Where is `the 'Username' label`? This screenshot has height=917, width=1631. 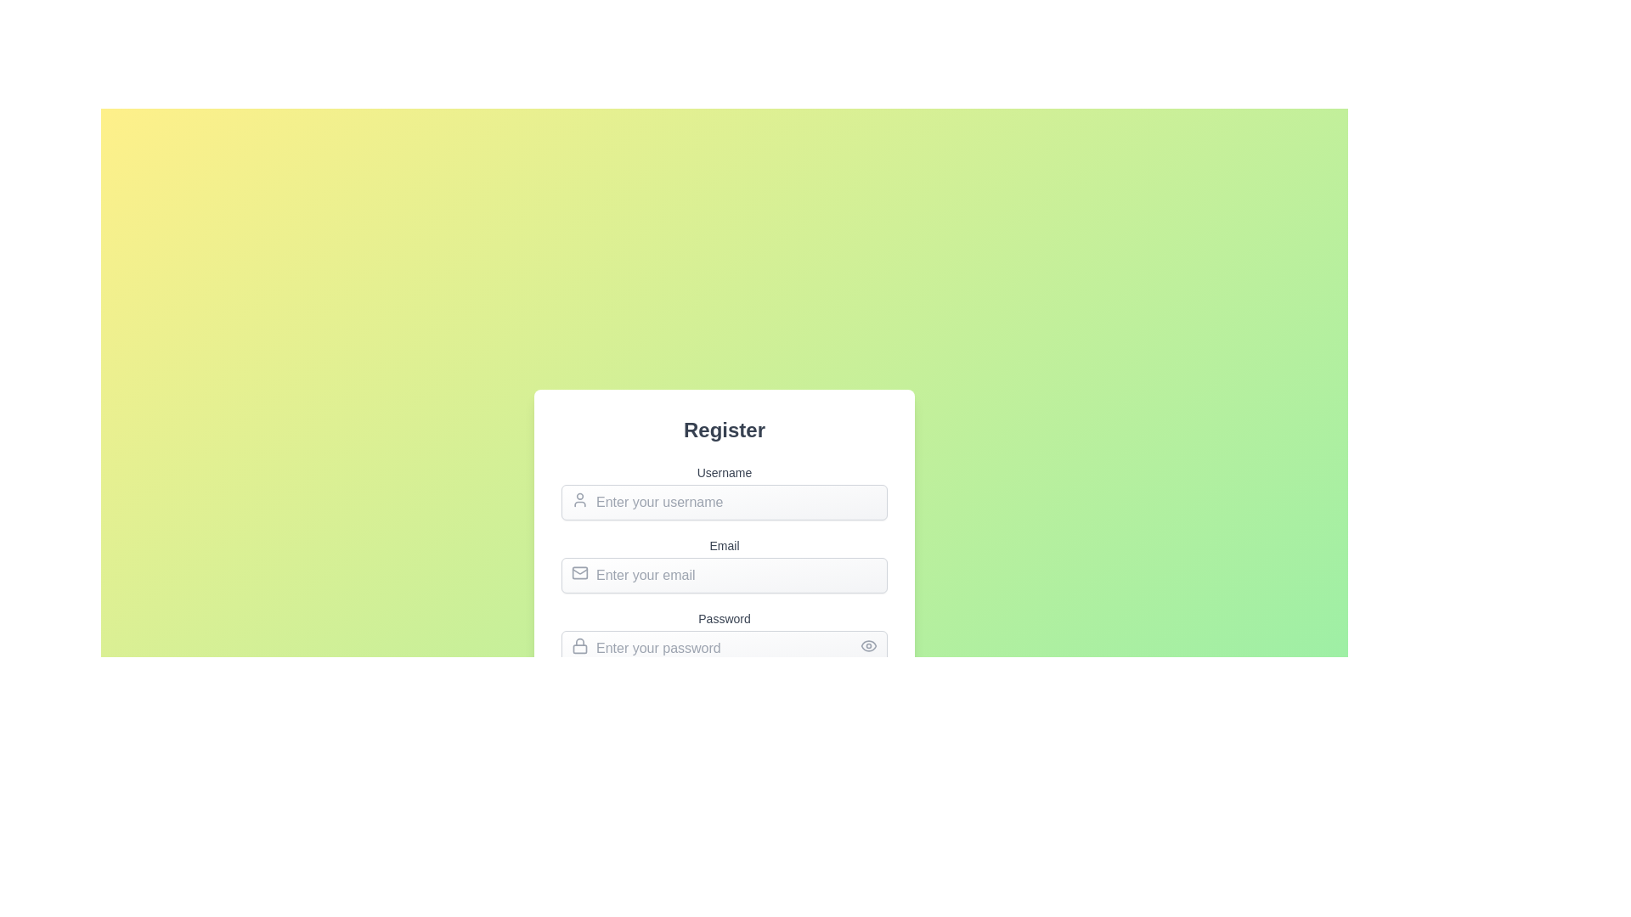 the 'Username' label is located at coordinates (725, 492).